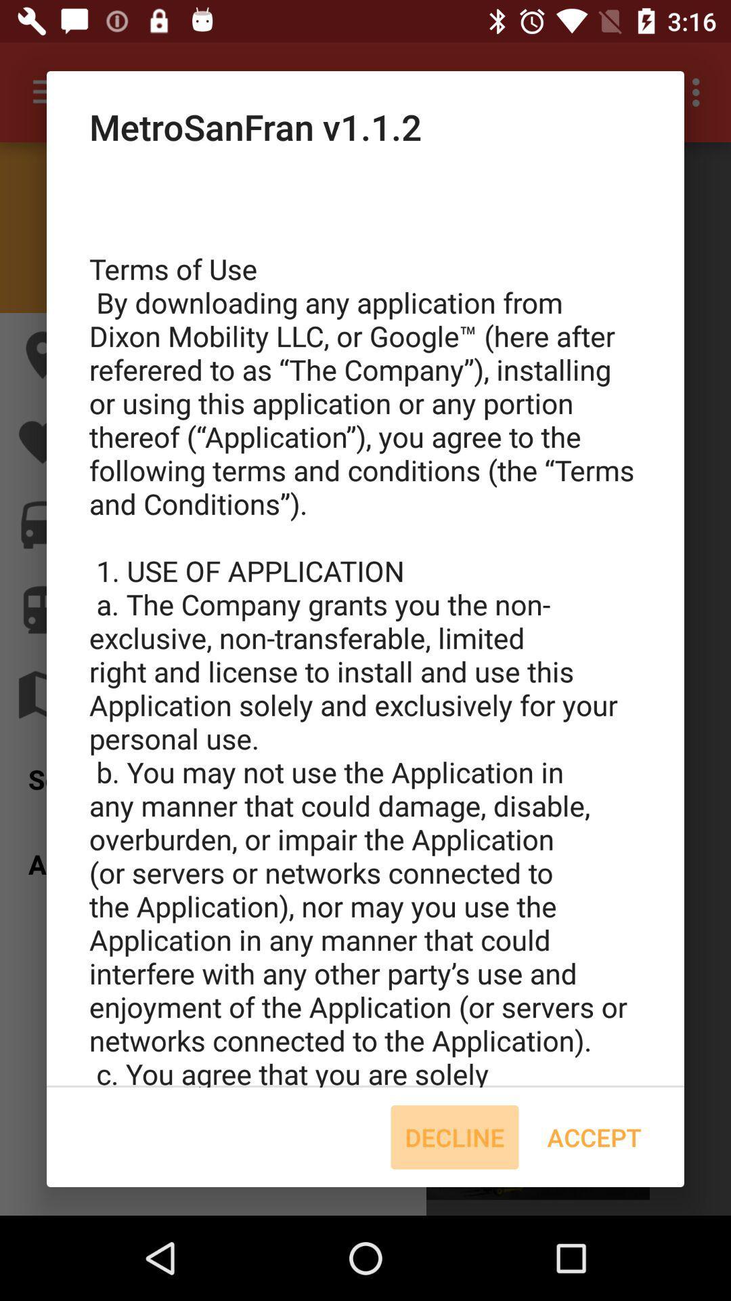 This screenshot has height=1301, width=731. I want to click on the decline, so click(454, 1137).